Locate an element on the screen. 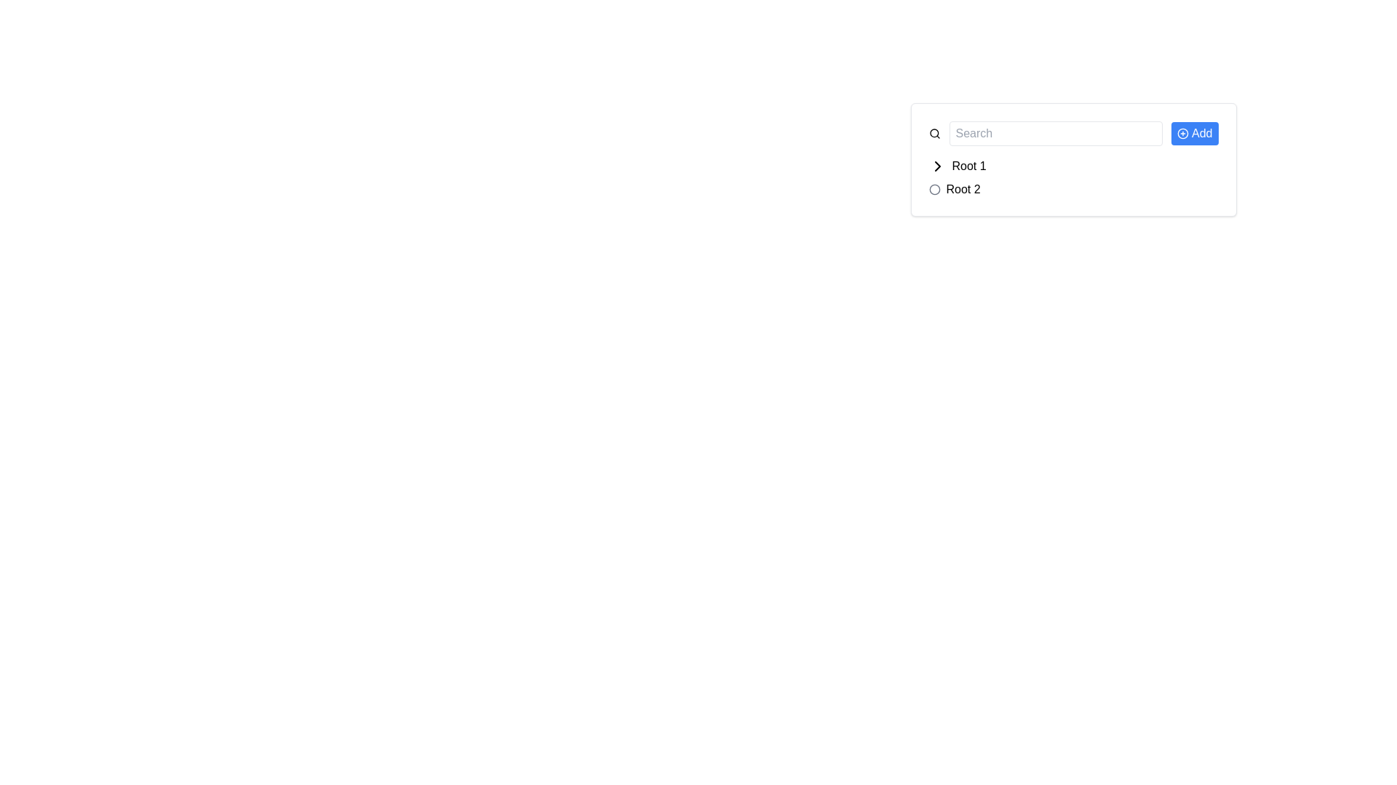 This screenshot has width=1397, height=785. the interactive text label displaying 'Root 2' is located at coordinates (963, 189).